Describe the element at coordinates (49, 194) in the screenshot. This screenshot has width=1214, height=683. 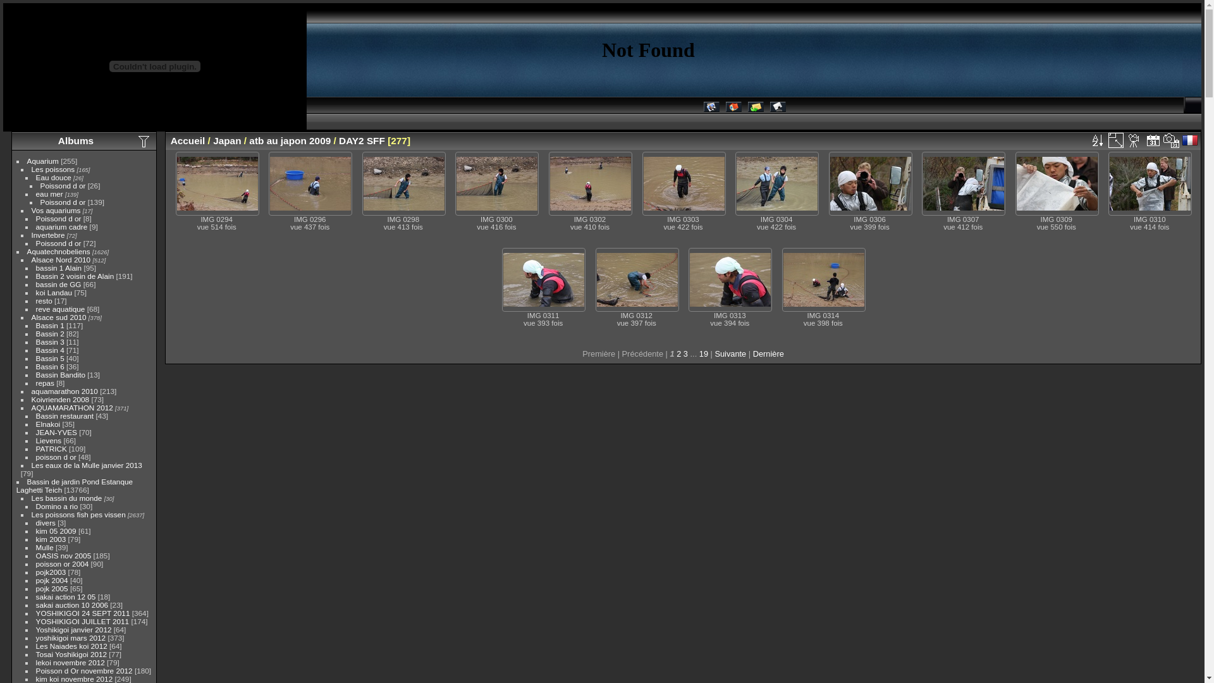
I see `'eau mer'` at that location.